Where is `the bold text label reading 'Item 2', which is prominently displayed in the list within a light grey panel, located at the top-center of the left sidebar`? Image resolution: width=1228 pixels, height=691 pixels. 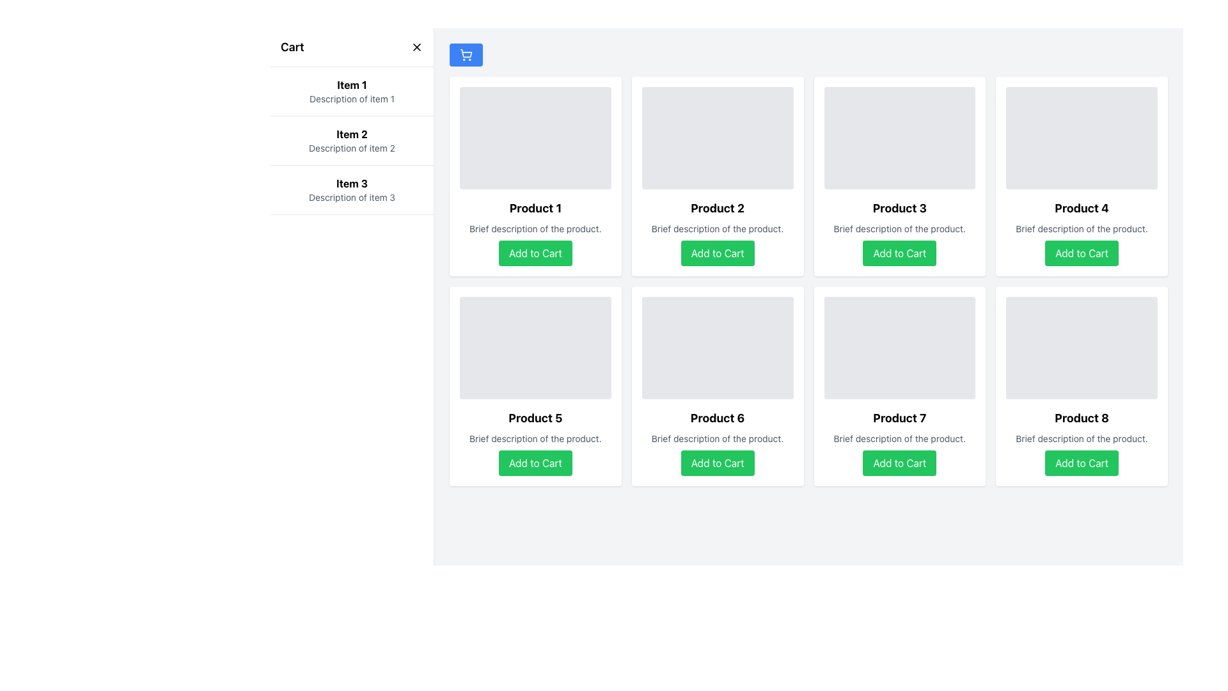
the bold text label reading 'Item 2', which is prominently displayed in the list within a light grey panel, located at the top-center of the left sidebar is located at coordinates (352, 134).